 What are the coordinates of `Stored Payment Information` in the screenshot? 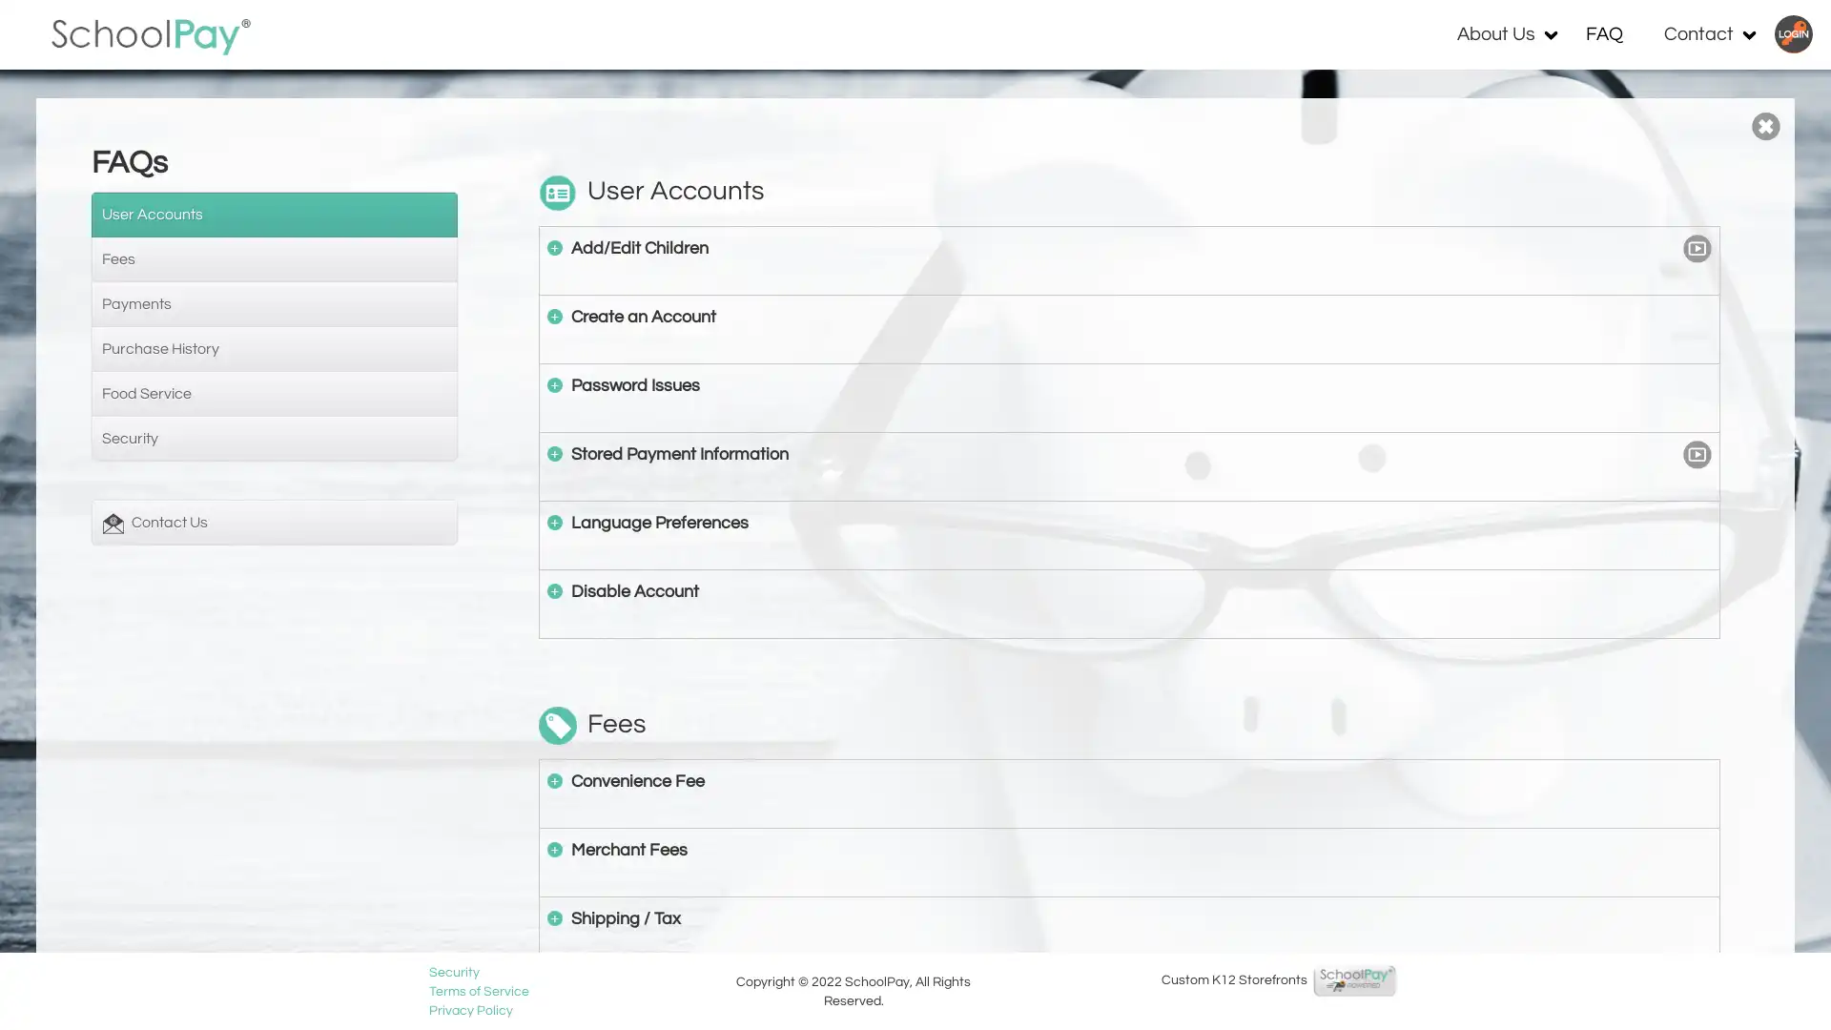 It's located at (553, 452).